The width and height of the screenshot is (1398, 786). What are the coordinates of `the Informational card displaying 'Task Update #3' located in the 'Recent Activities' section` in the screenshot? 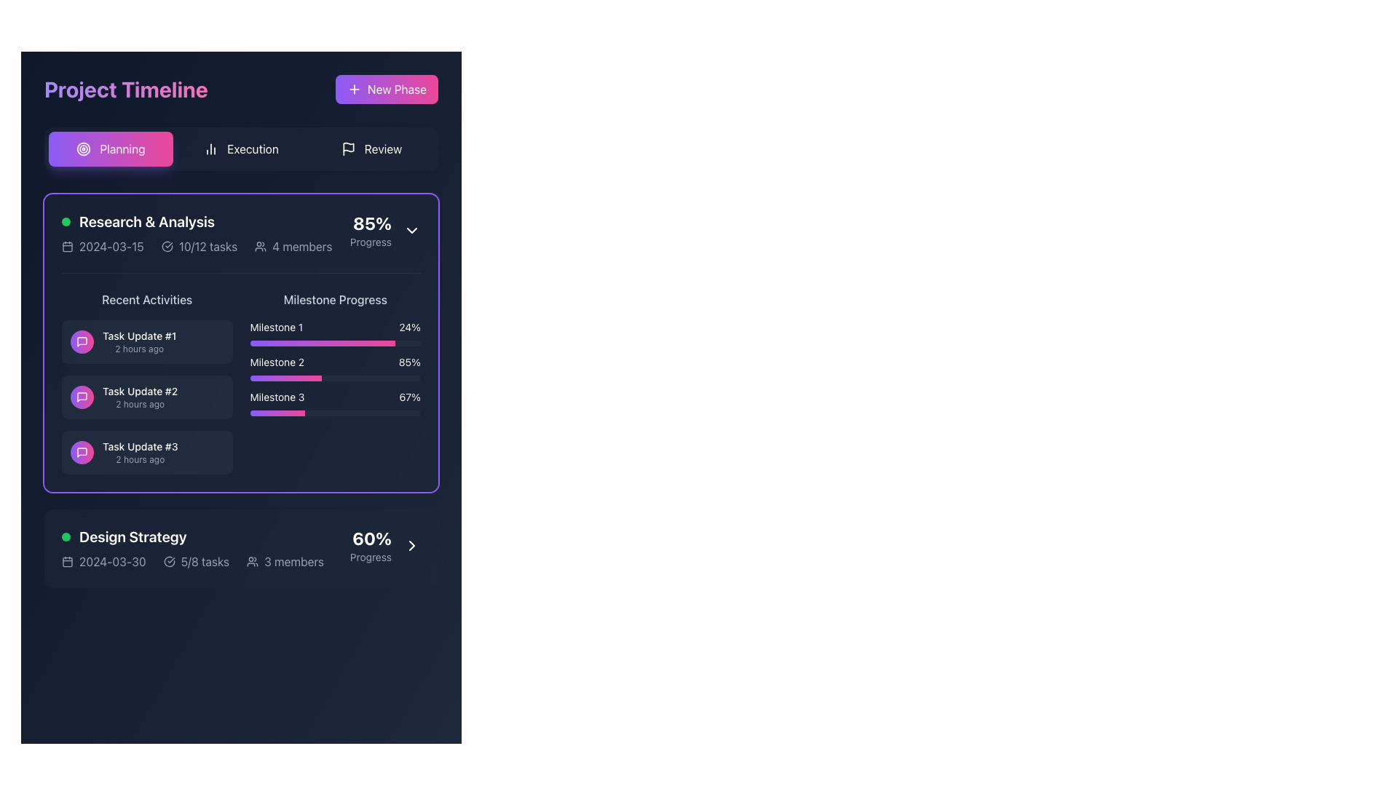 It's located at (147, 451).